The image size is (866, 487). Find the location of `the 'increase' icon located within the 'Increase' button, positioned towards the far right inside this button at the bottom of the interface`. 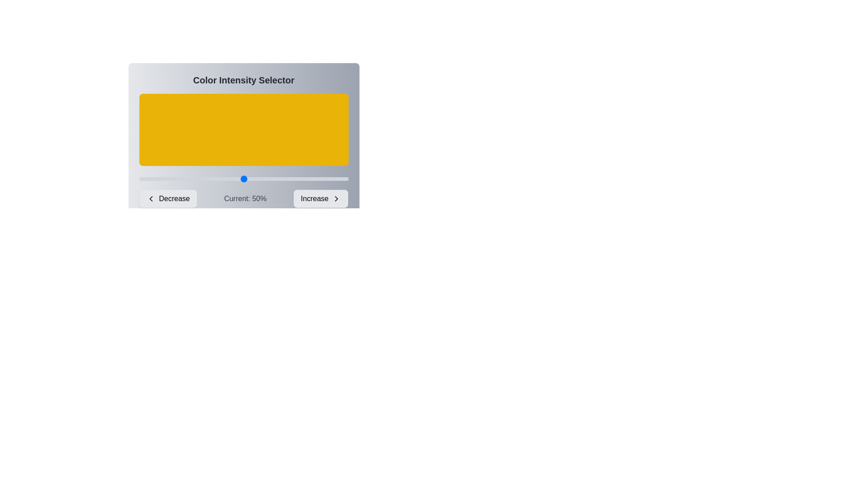

the 'increase' icon located within the 'Increase' button, positioned towards the far right inside this button at the bottom of the interface is located at coordinates (336, 198).